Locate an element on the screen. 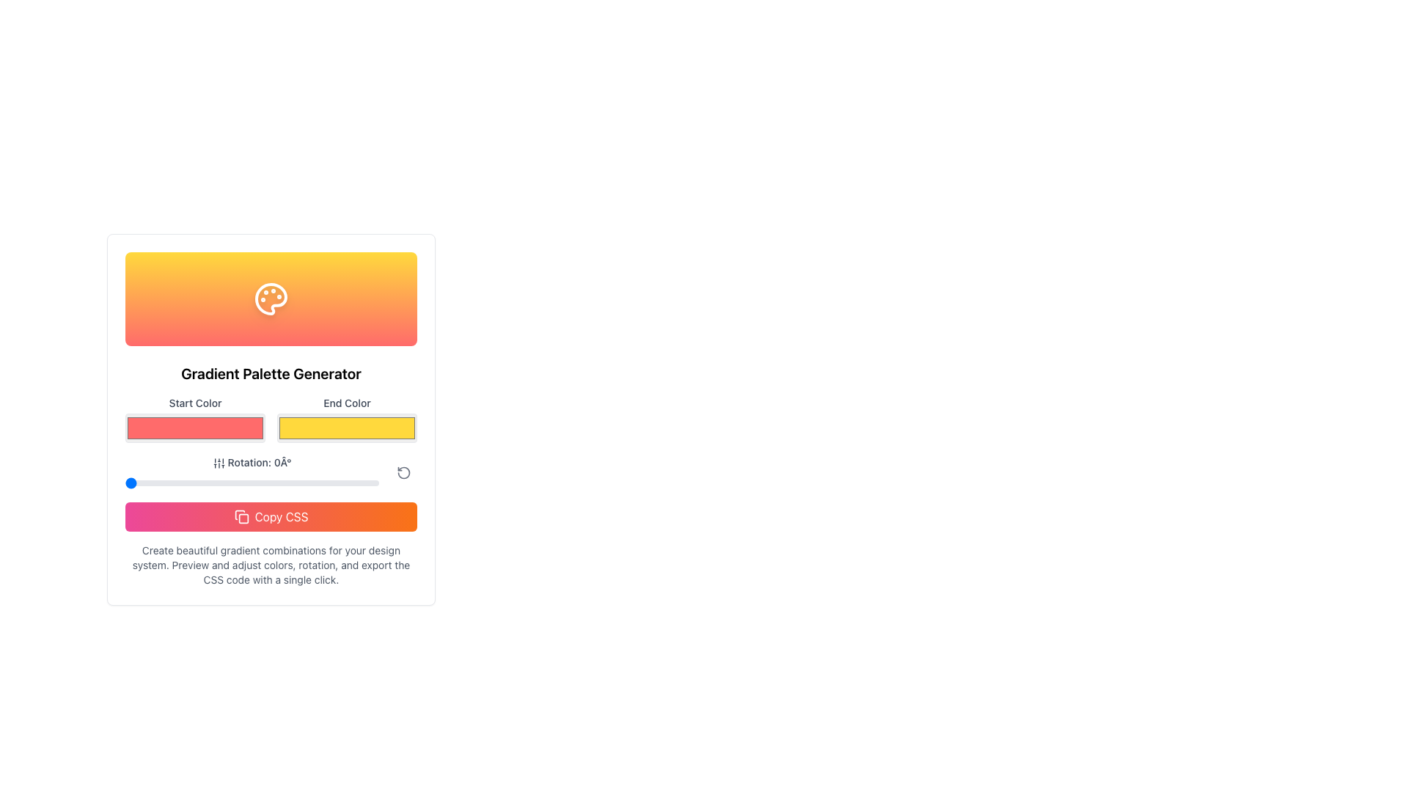 Image resolution: width=1408 pixels, height=792 pixels. the counter-clockwise rotation icon within the circular button at the bottom-right of the 'Gradient Palette Generator' card via keyboard navigation is located at coordinates (404, 472).